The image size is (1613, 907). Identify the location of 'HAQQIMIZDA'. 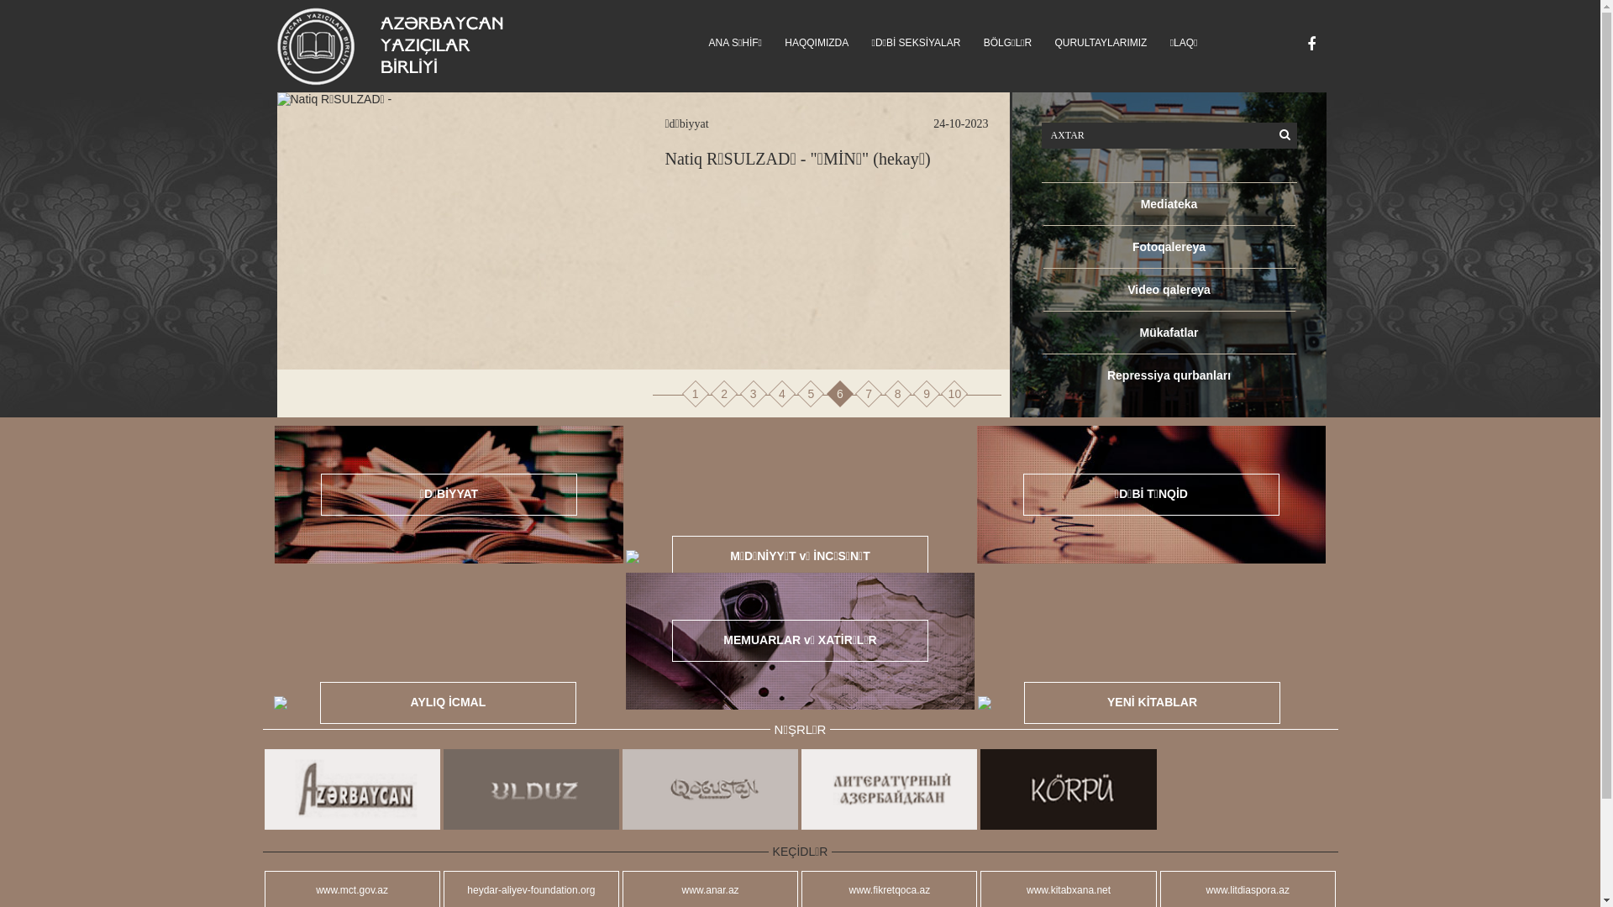
(816, 41).